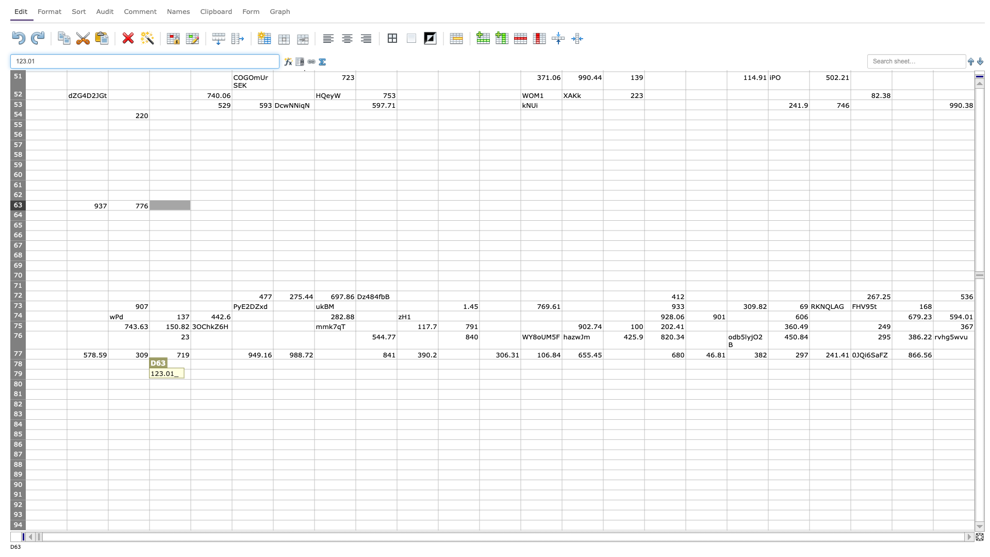 The width and height of the screenshot is (990, 557). Describe the element at coordinates (190, 369) in the screenshot. I see `top left corner of cell E79` at that location.